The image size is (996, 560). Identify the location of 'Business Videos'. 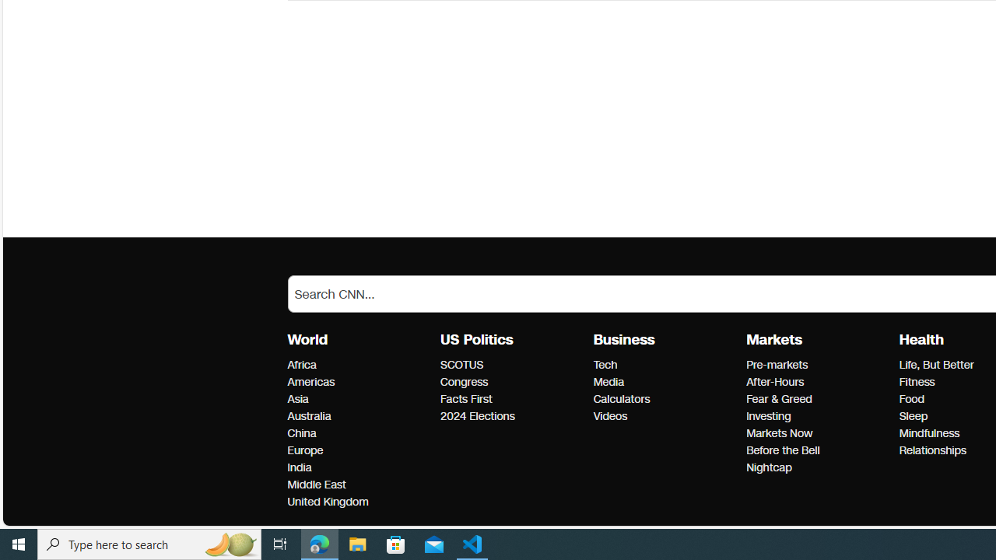
(609, 415).